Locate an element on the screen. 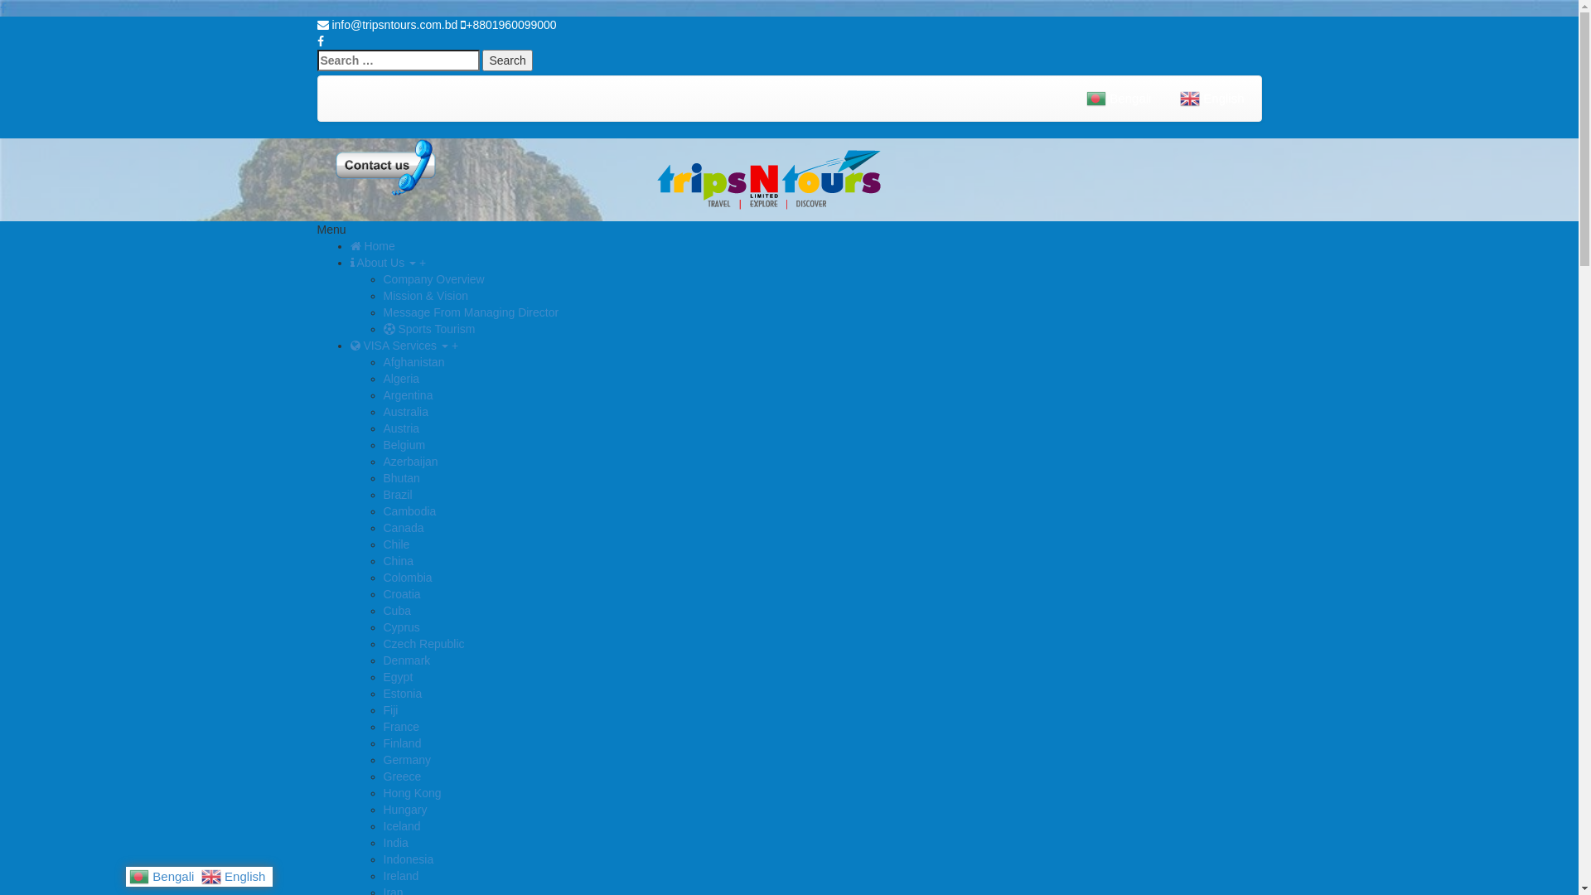 This screenshot has height=895, width=1591. 'Bengali' is located at coordinates (128, 874).